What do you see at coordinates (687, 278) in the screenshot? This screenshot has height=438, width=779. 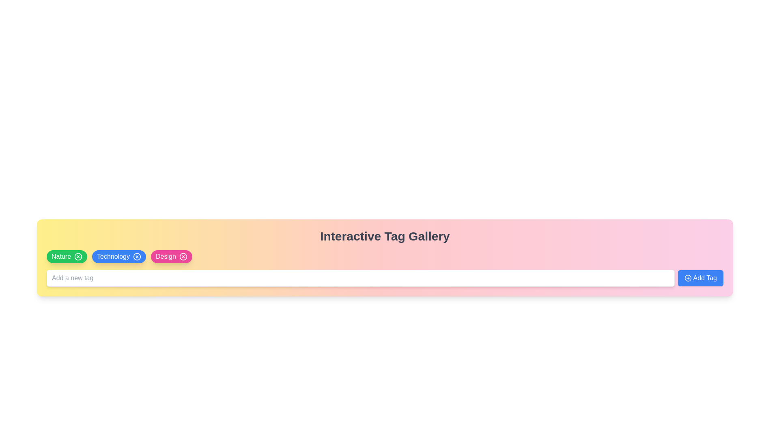 I see `the small circular plus icon inside the 'Add Tag' button, which has a blue background and white borders` at bounding box center [687, 278].